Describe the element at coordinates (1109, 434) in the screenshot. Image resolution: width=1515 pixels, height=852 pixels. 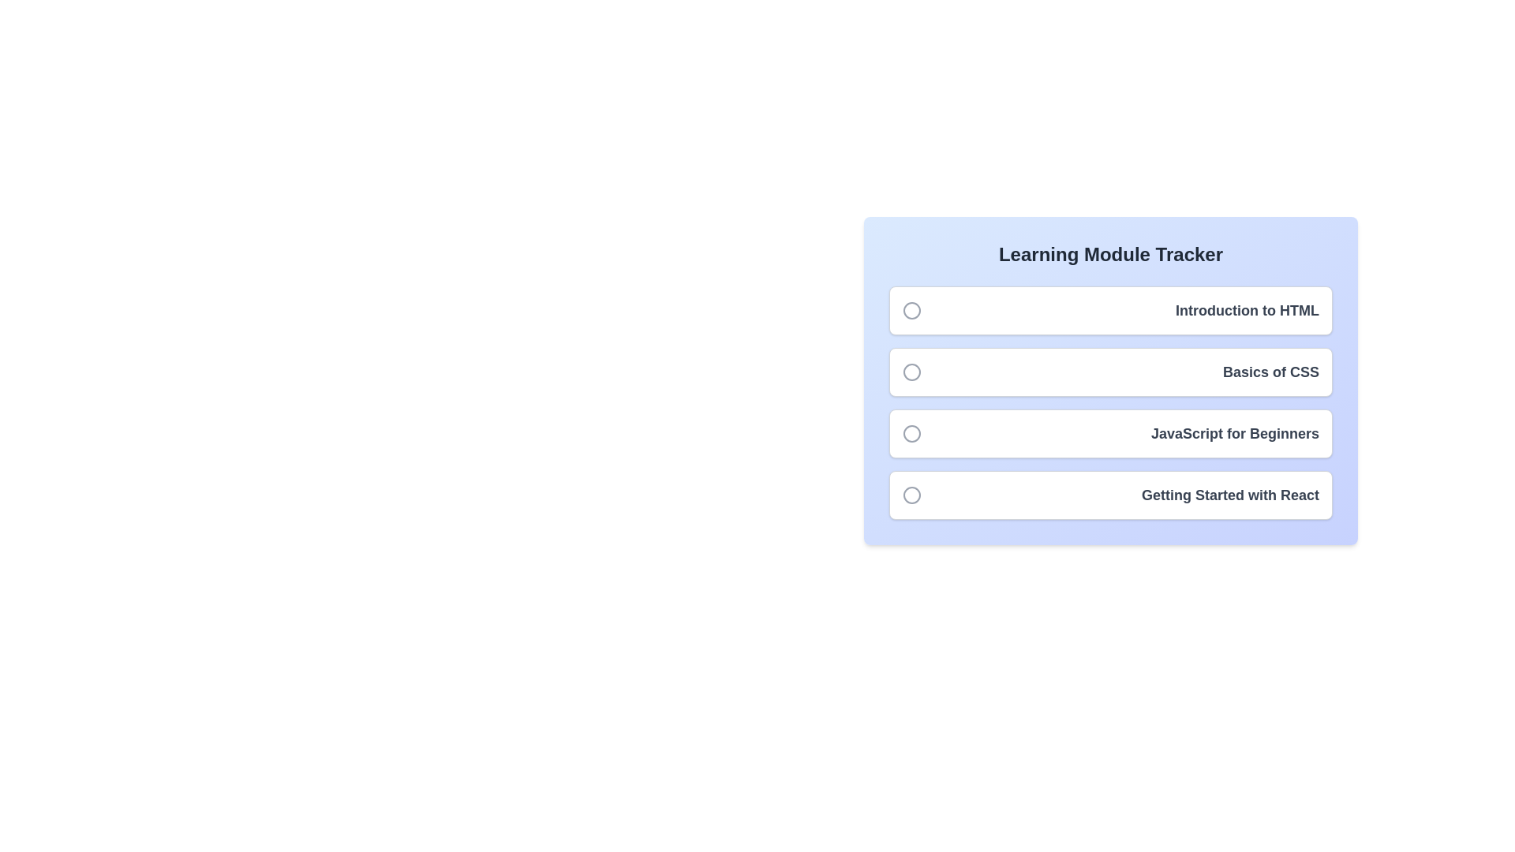
I see `the list item displaying 'JavaScript for Beginners' under the 'Learning Module Tracker' section` at that location.